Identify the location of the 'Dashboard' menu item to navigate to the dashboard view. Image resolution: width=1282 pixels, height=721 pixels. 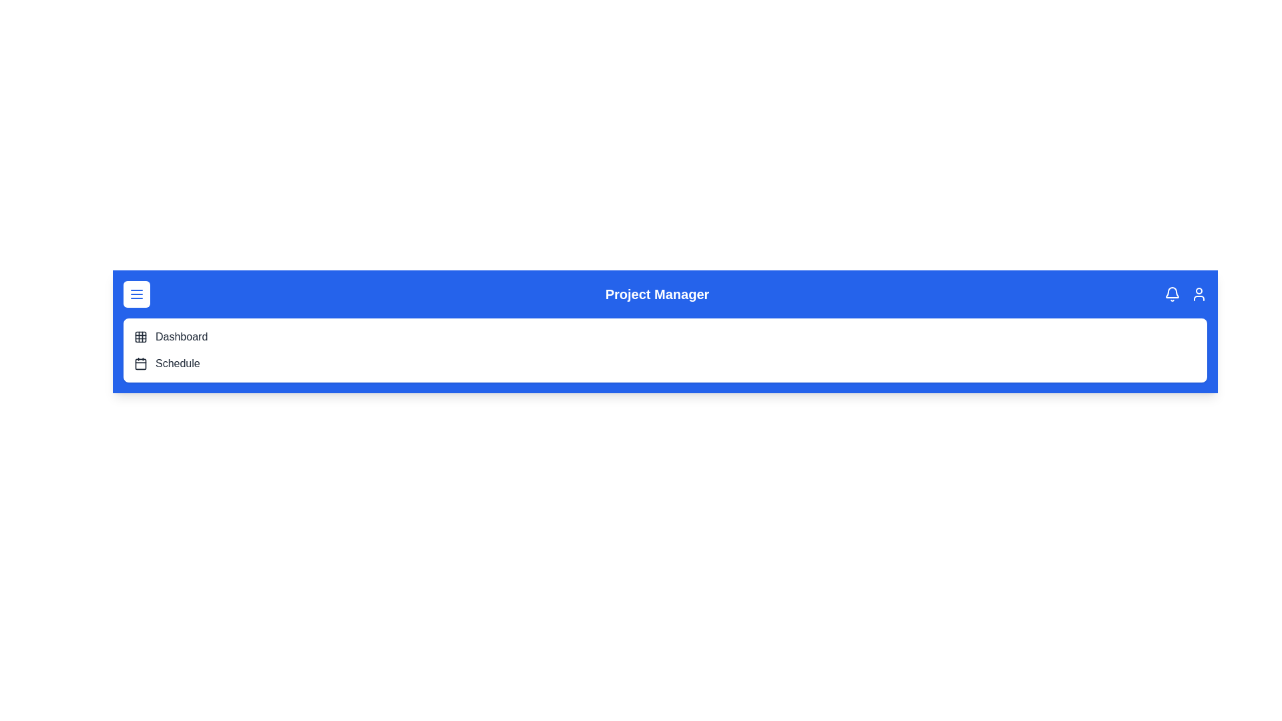
(181, 336).